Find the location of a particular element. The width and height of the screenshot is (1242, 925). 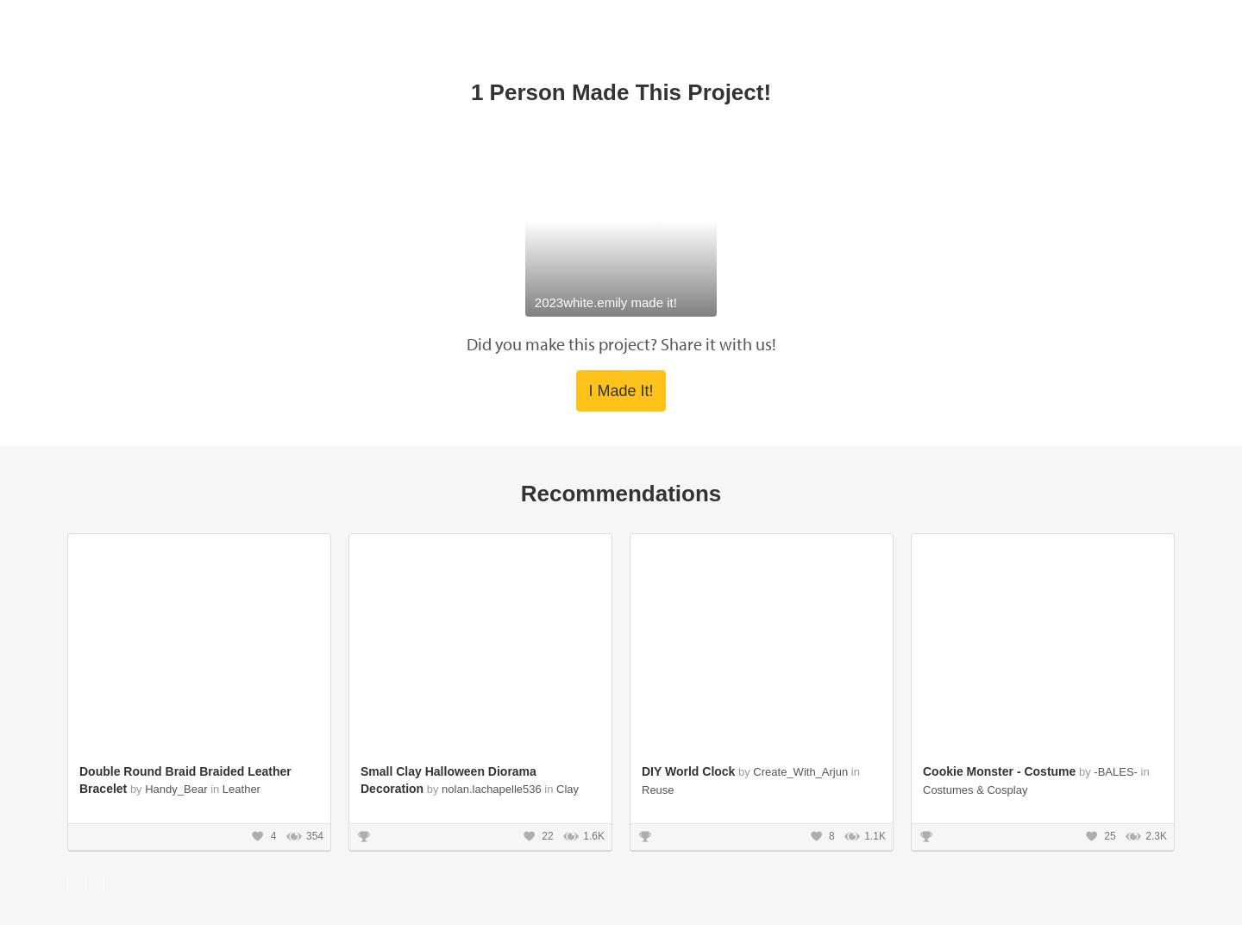

'Create_With_Arjun' is located at coordinates (801, 373).